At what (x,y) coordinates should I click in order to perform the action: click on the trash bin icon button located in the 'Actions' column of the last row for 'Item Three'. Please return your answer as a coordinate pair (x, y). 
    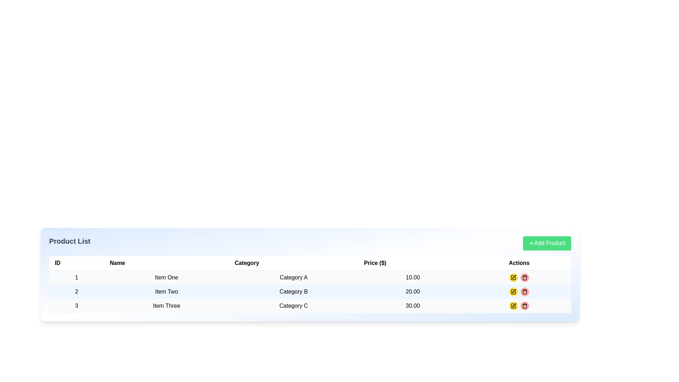
    Looking at the image, I should click on (525, 277).